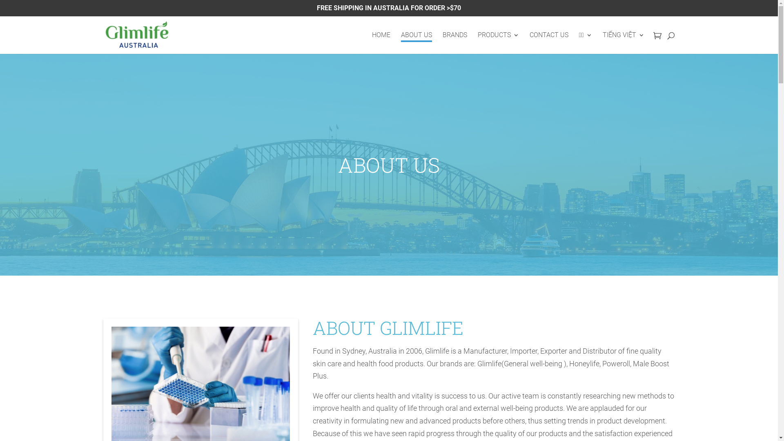  I want to click on 'BRANDS', so click(442, 43).